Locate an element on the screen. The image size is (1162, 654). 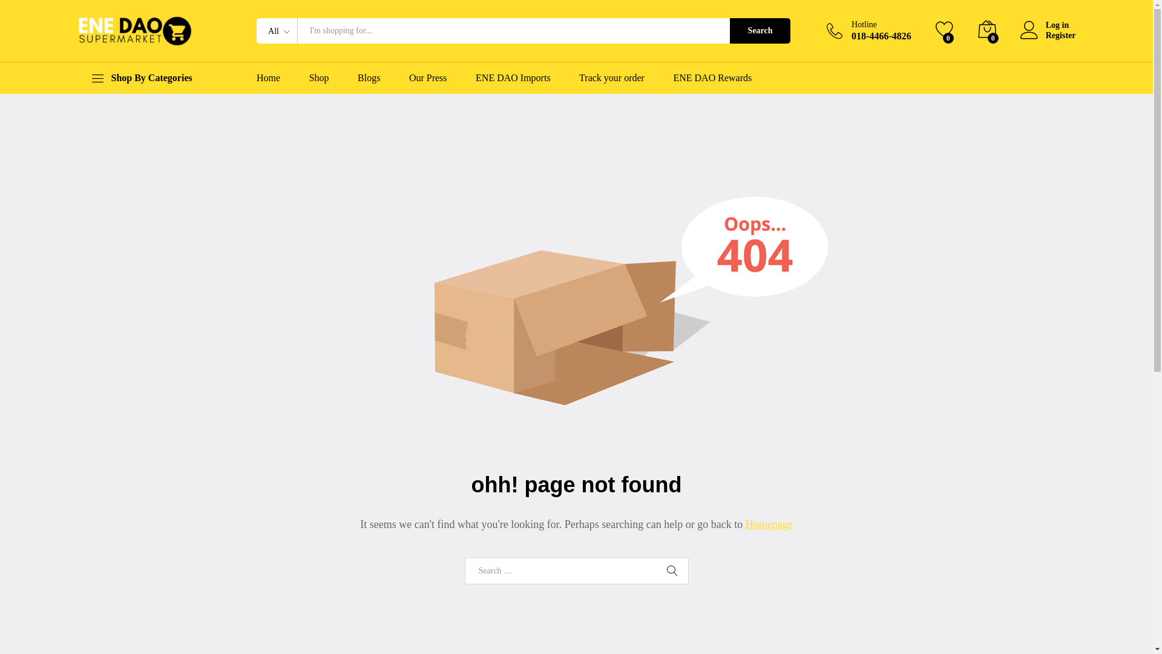
'Log in' is located at coordinates (1048, 25).